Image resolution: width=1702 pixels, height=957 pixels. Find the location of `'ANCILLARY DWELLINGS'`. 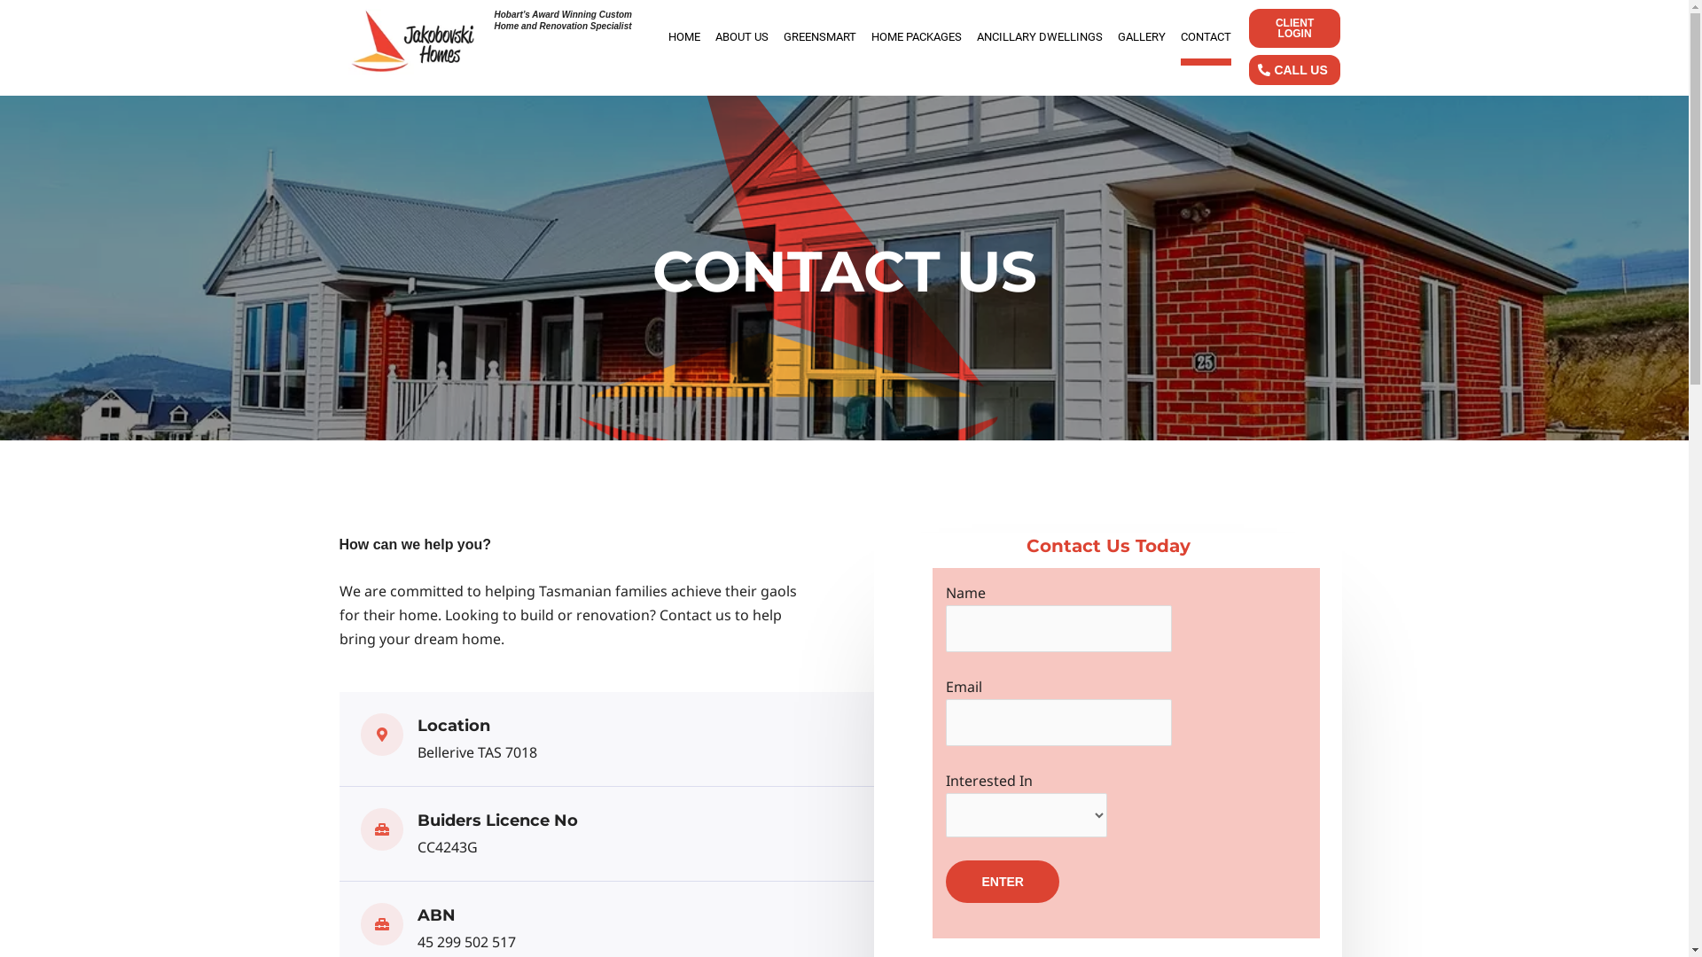

'ANCILLARY DWELLINGS' is located at coordinates (1039, 37).